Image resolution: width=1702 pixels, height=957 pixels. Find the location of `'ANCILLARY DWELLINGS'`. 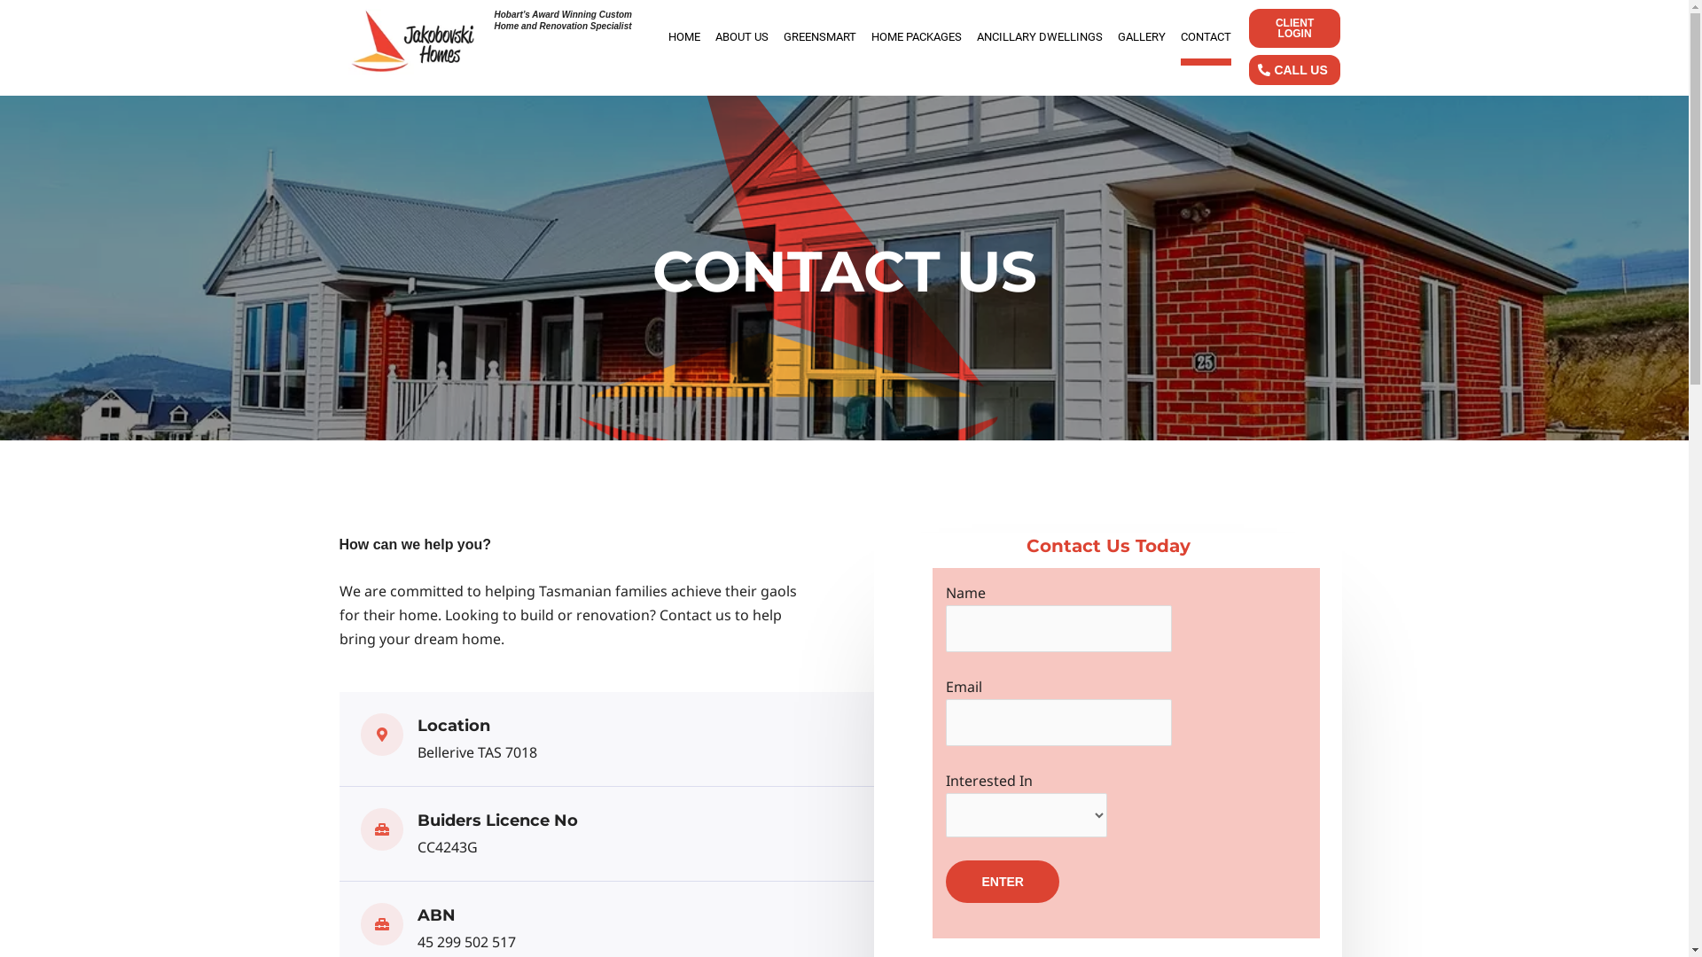

'ANCILLARY DWELLINGS' is located at coordinates (1039, 37).